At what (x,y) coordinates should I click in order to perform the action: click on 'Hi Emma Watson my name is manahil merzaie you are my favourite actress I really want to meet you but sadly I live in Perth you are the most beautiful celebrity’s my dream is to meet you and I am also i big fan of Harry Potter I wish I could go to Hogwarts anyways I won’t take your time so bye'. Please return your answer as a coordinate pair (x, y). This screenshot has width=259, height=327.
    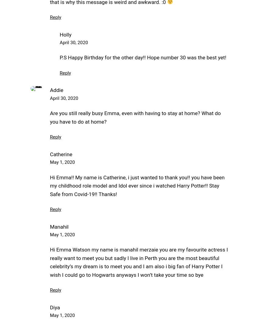
    Looking at the image, I should click on (138, 262).